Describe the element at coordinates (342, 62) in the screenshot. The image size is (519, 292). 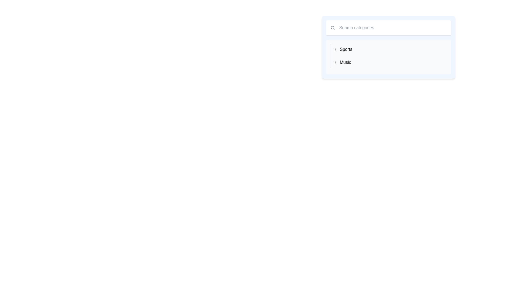
I see `the 'Music' button` at that location.